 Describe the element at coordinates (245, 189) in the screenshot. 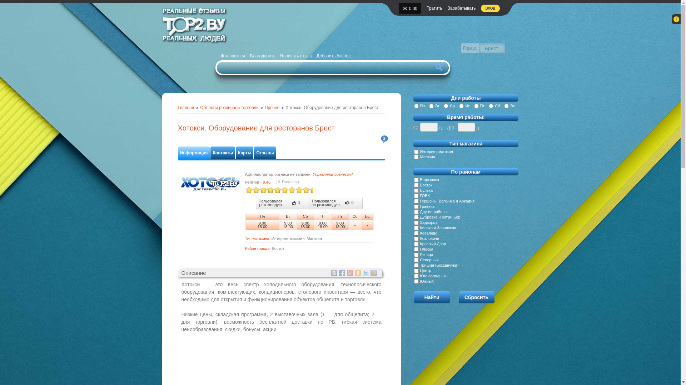

I see `'5'` at that location.